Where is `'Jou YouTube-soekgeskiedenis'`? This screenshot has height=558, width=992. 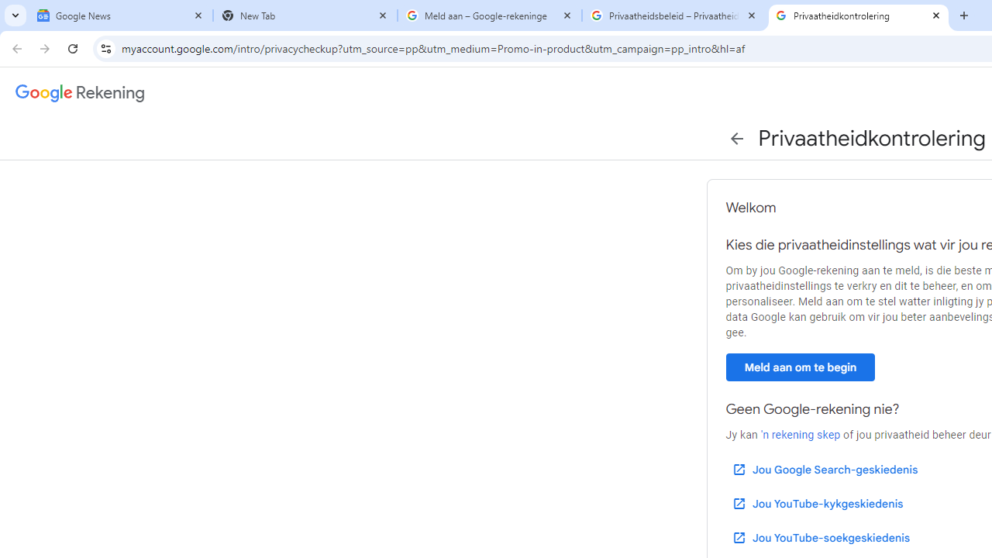
'Jou YouTube-soekgeskiedenis' is located at coordinates (819, 537).